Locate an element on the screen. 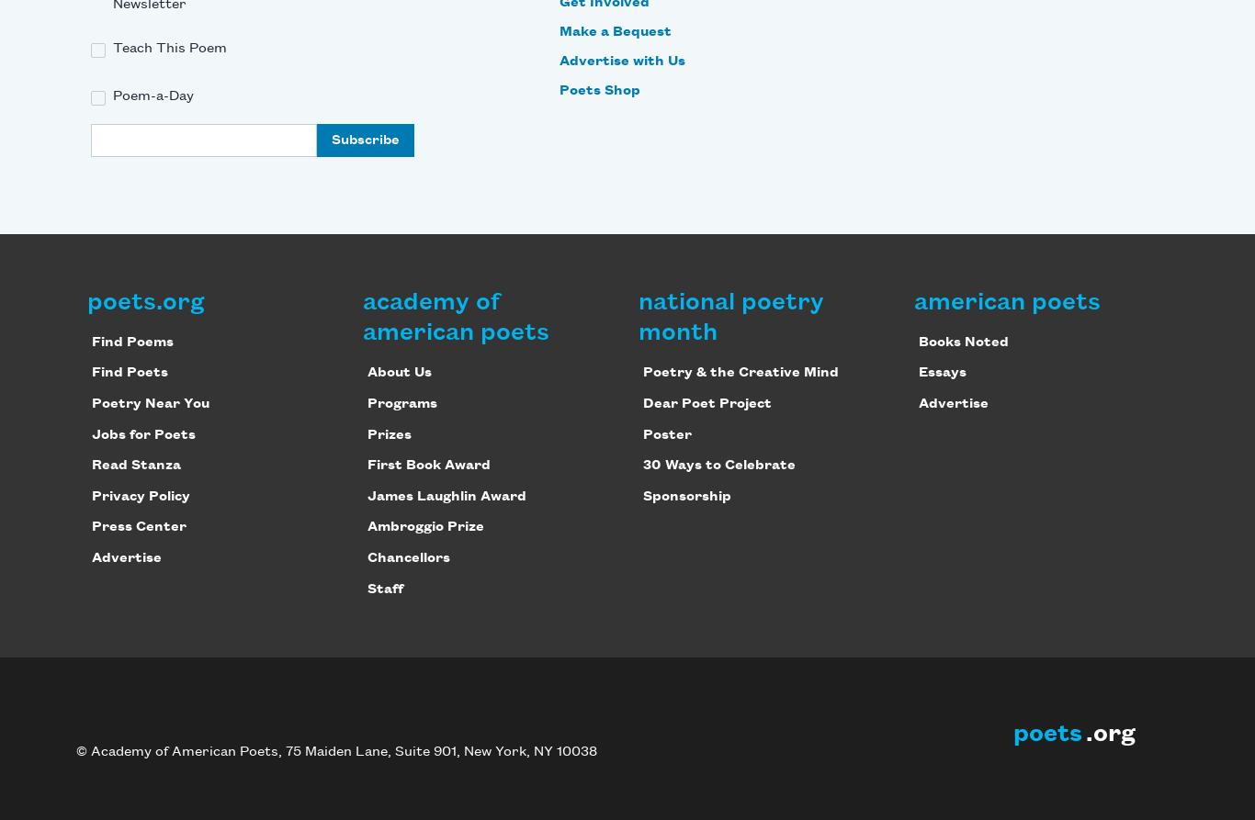 Image resolution: width=1255 pixels, height=820 pixels. 'academy of american poets' is located at coordinates (362, 316).